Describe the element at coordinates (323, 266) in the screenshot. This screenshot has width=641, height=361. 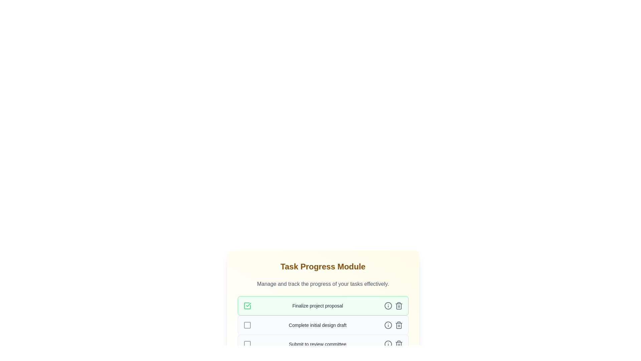
I see `the Text Header located at the top section of the rectangular card layout, which serves as the title or header for the card` at that location.